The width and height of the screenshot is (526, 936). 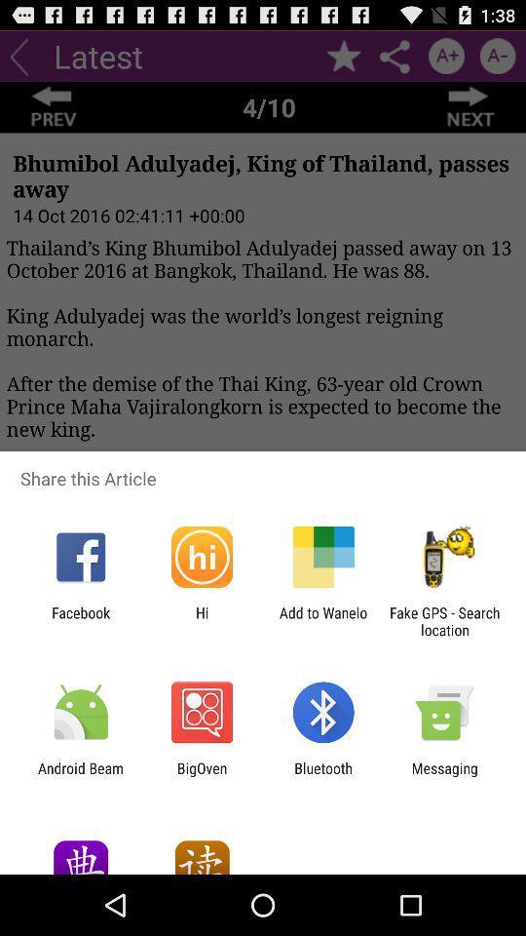 I want to click on the fake gps search item, so click(x=444, y=620).